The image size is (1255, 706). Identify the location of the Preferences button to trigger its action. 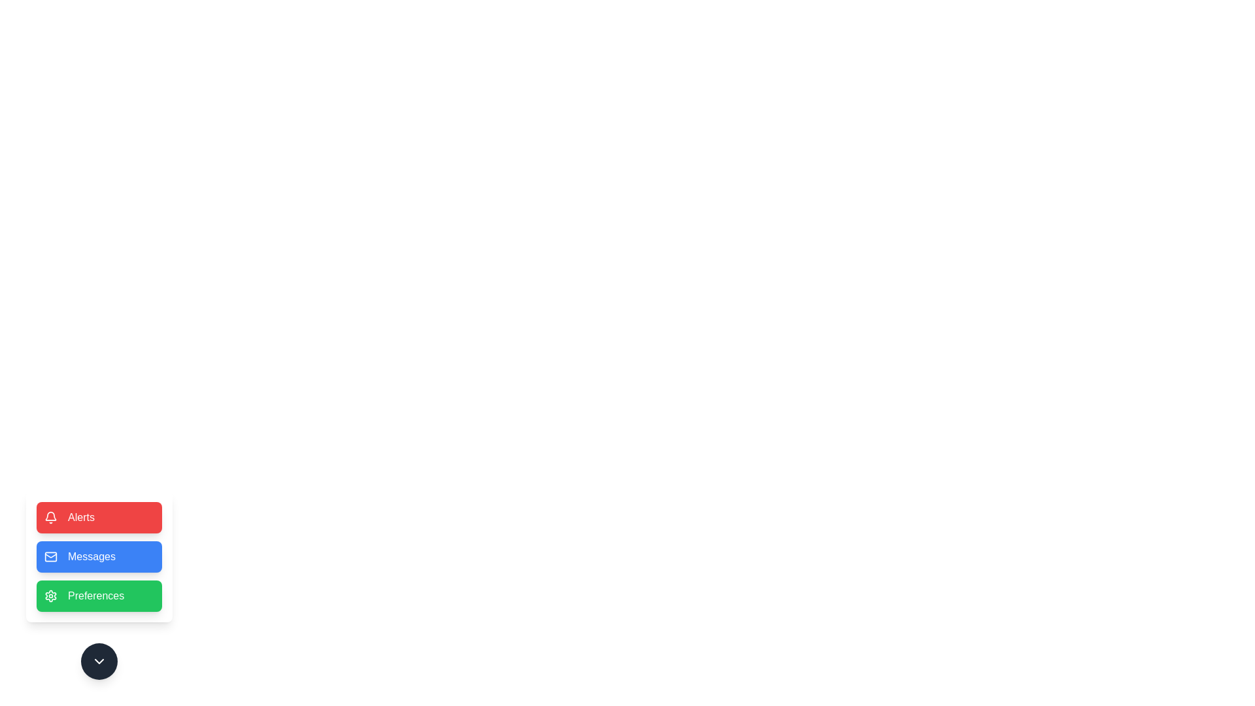
(99, 596).